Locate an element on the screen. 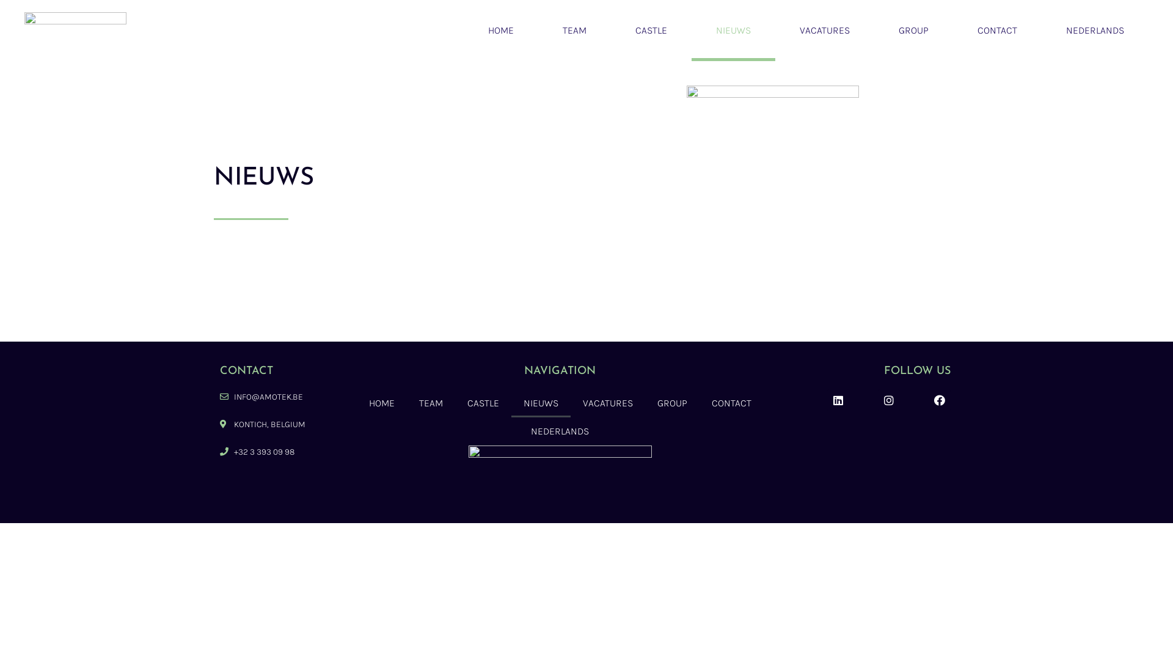 Image resolution: width=1173 pixels, height=660 pixels. 'GROUP' is located at coordinates (671, 403).